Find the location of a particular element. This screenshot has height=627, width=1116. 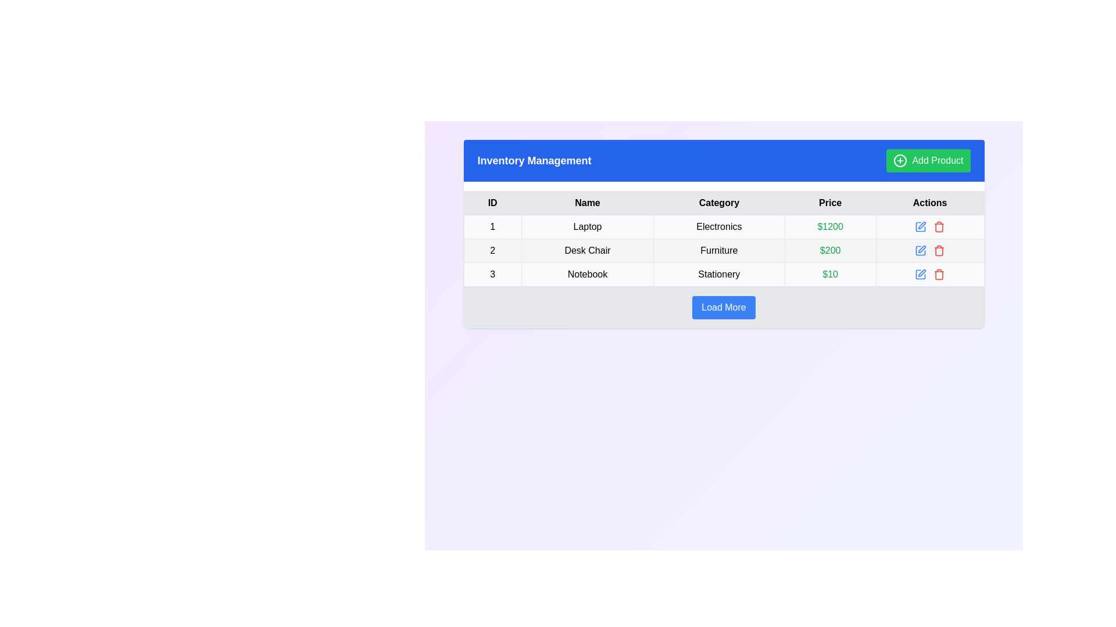

the delete button in the 'Actions' column of the second row of the table is located at coordinates (939, 250).